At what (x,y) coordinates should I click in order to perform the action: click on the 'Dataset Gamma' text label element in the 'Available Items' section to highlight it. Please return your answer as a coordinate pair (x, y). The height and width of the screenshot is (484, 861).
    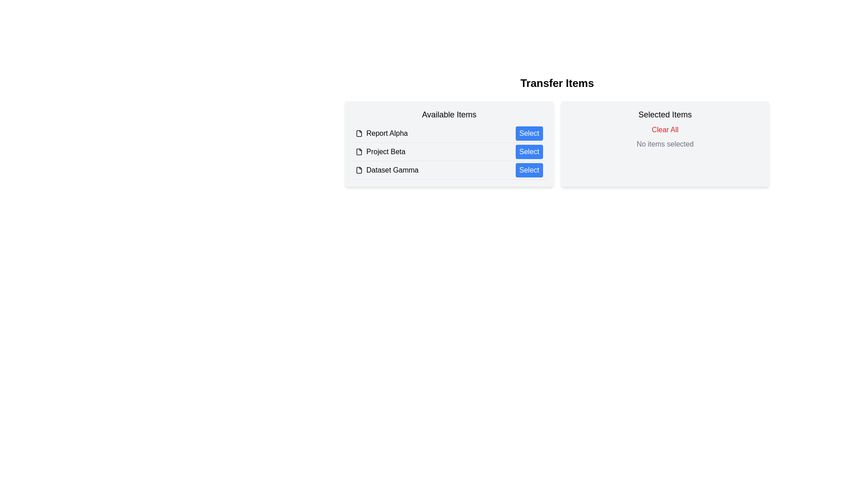
    Looking at the image, I should click on (387, 170).